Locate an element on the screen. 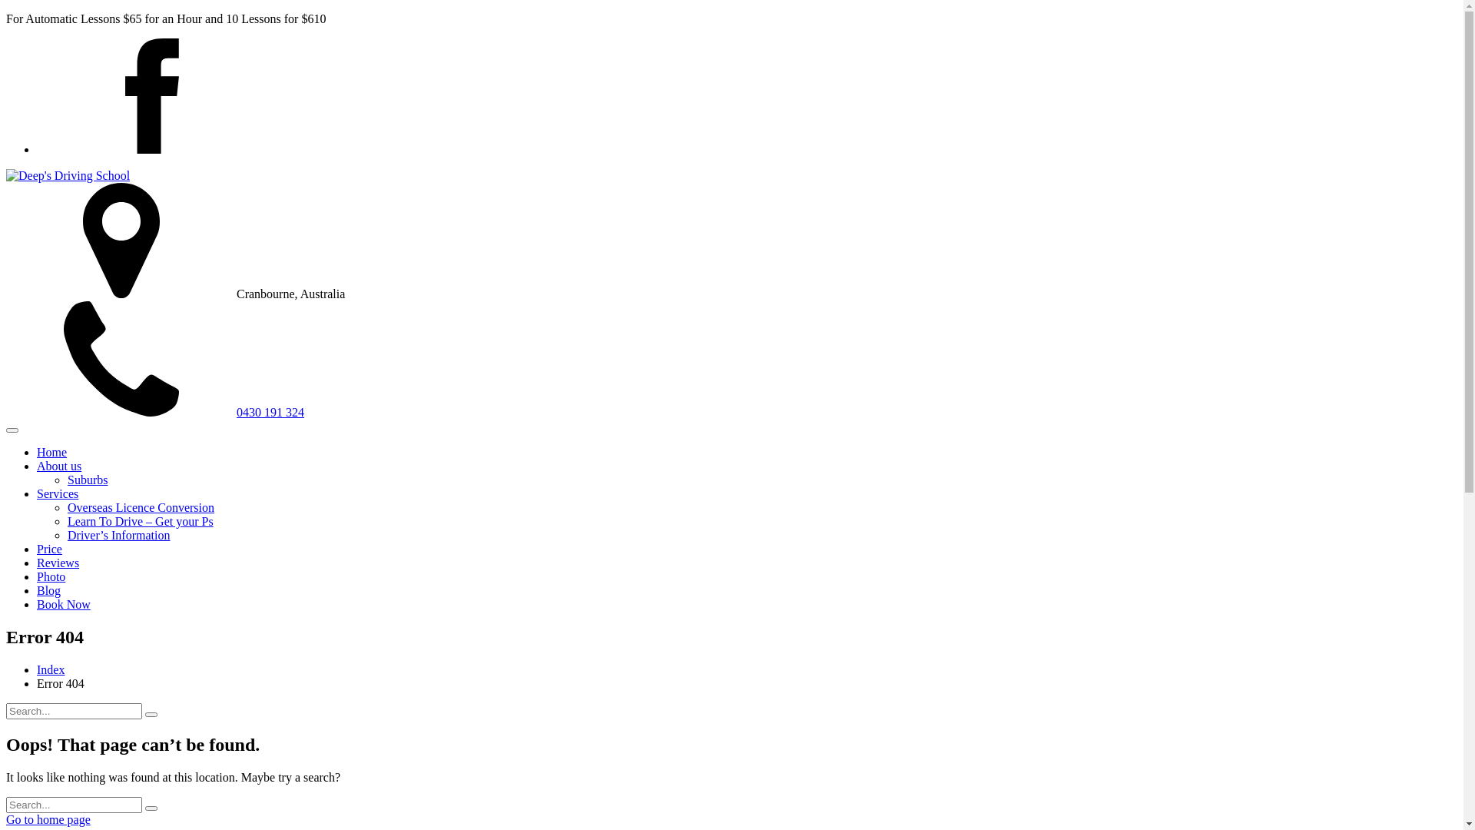 The image size is (1475, 830). 'Home' is located at coordinates (51, 451).